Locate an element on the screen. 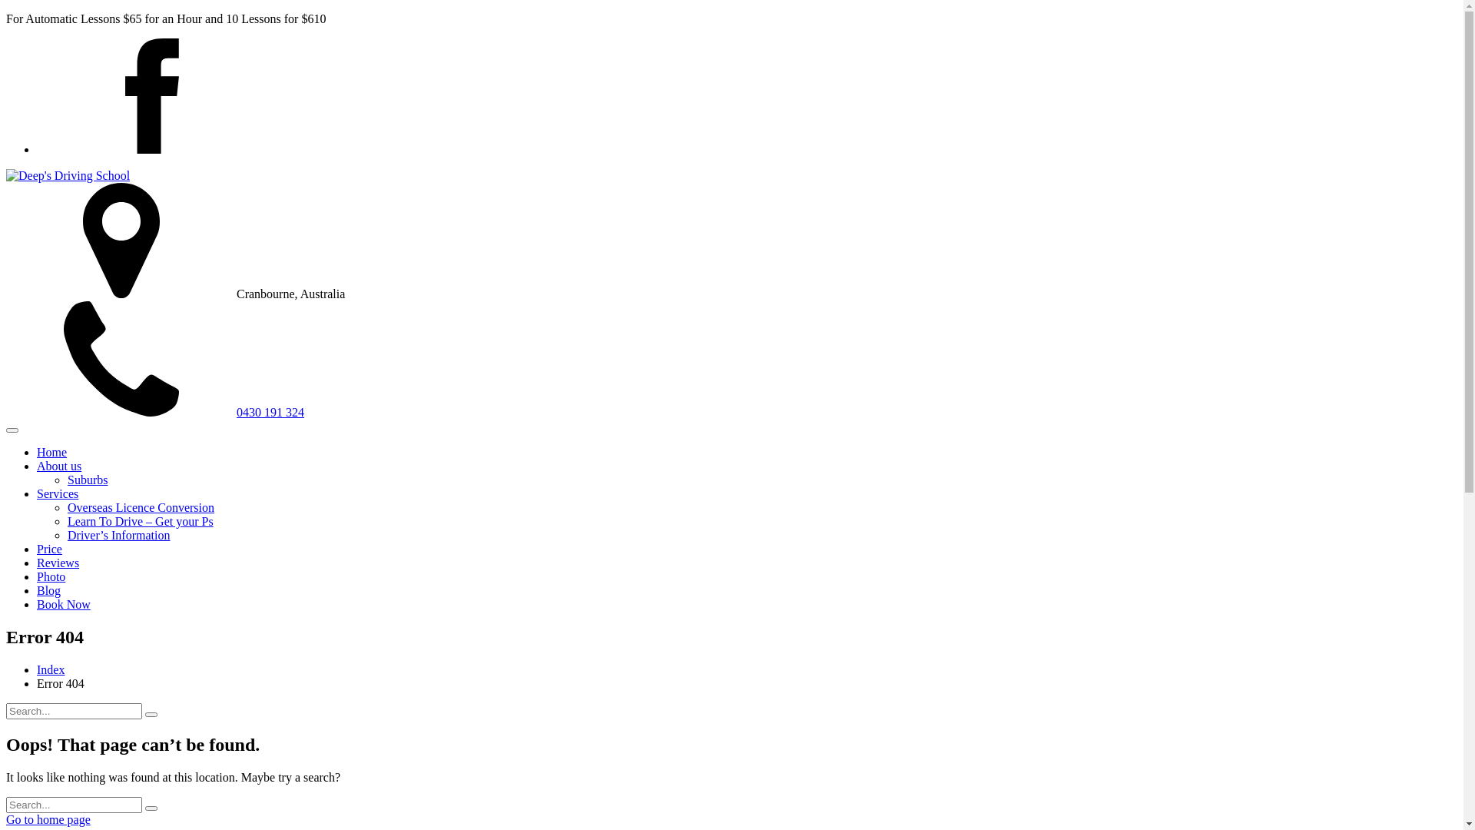 The image size is (1475, 830). 'Home' is located at coordinates (51, 451).